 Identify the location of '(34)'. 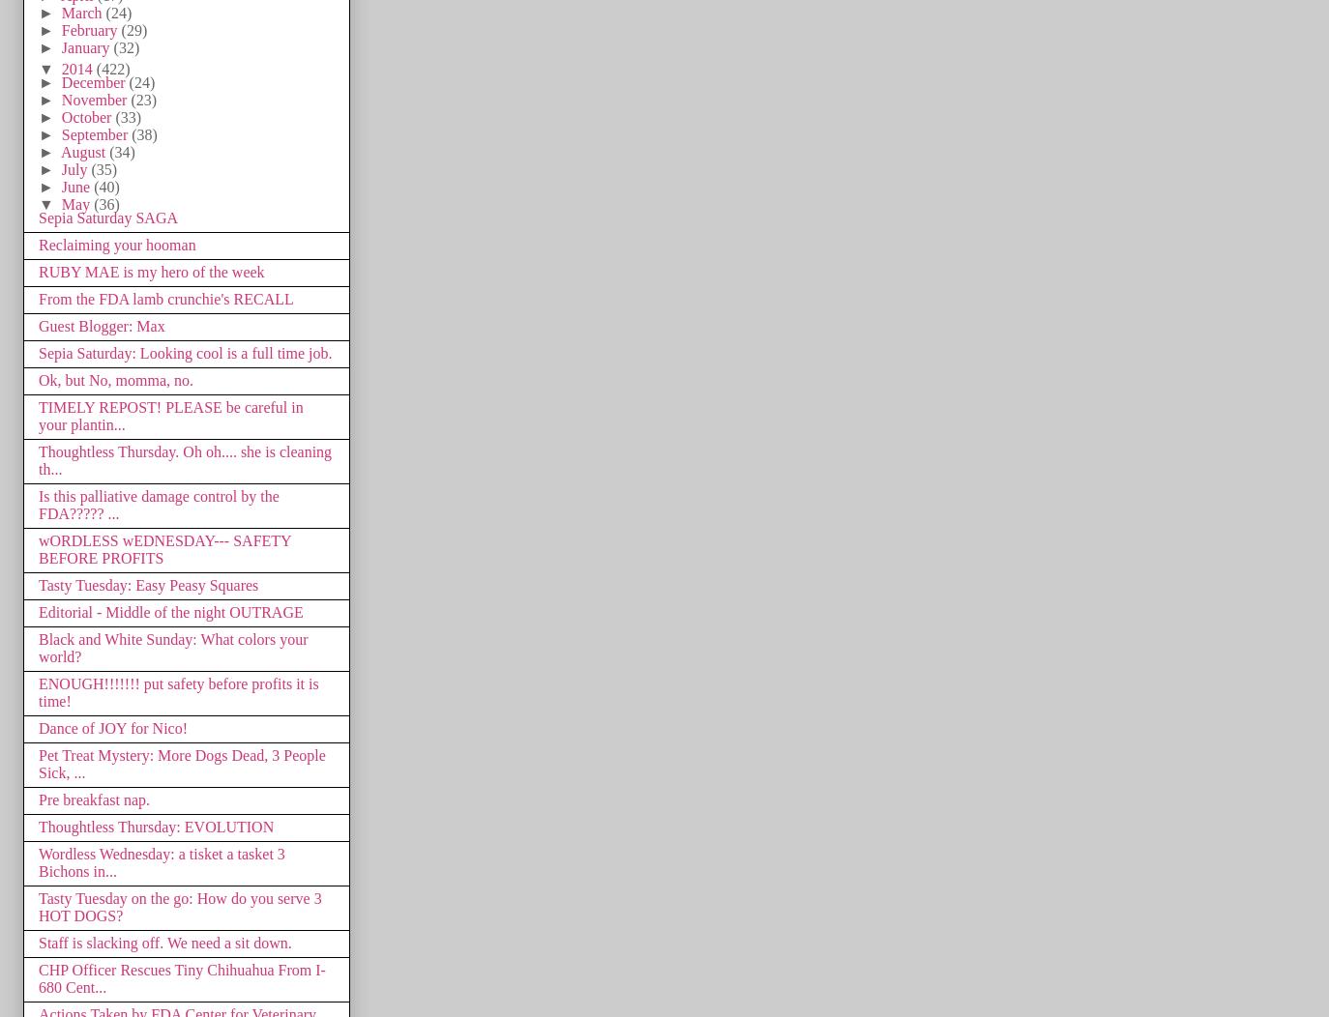
(120, 150).